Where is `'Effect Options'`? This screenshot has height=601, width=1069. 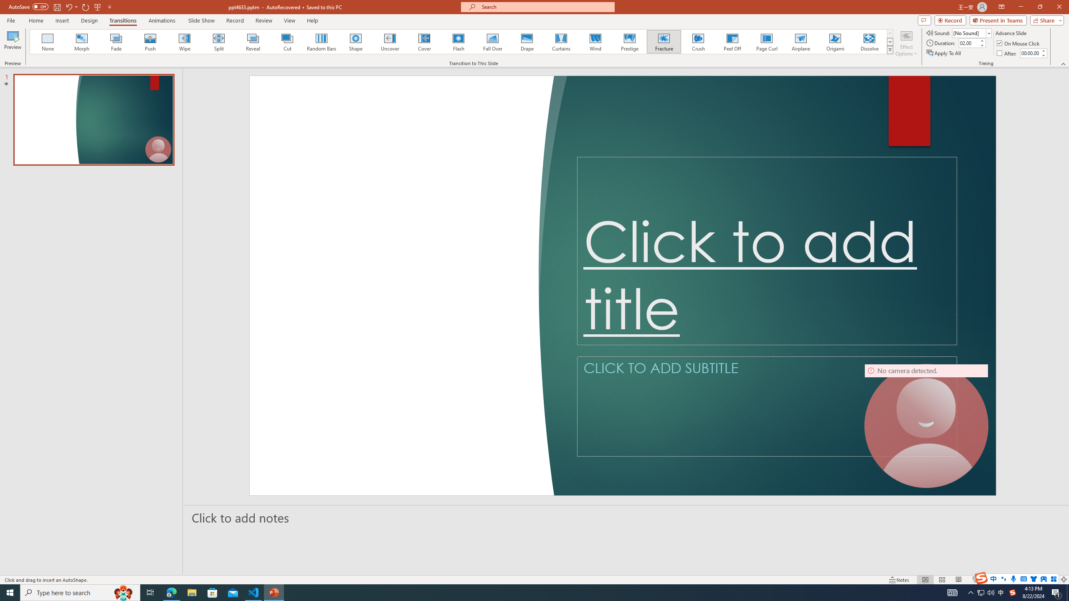 'Effect Options' is located at coordinates (906, 43).